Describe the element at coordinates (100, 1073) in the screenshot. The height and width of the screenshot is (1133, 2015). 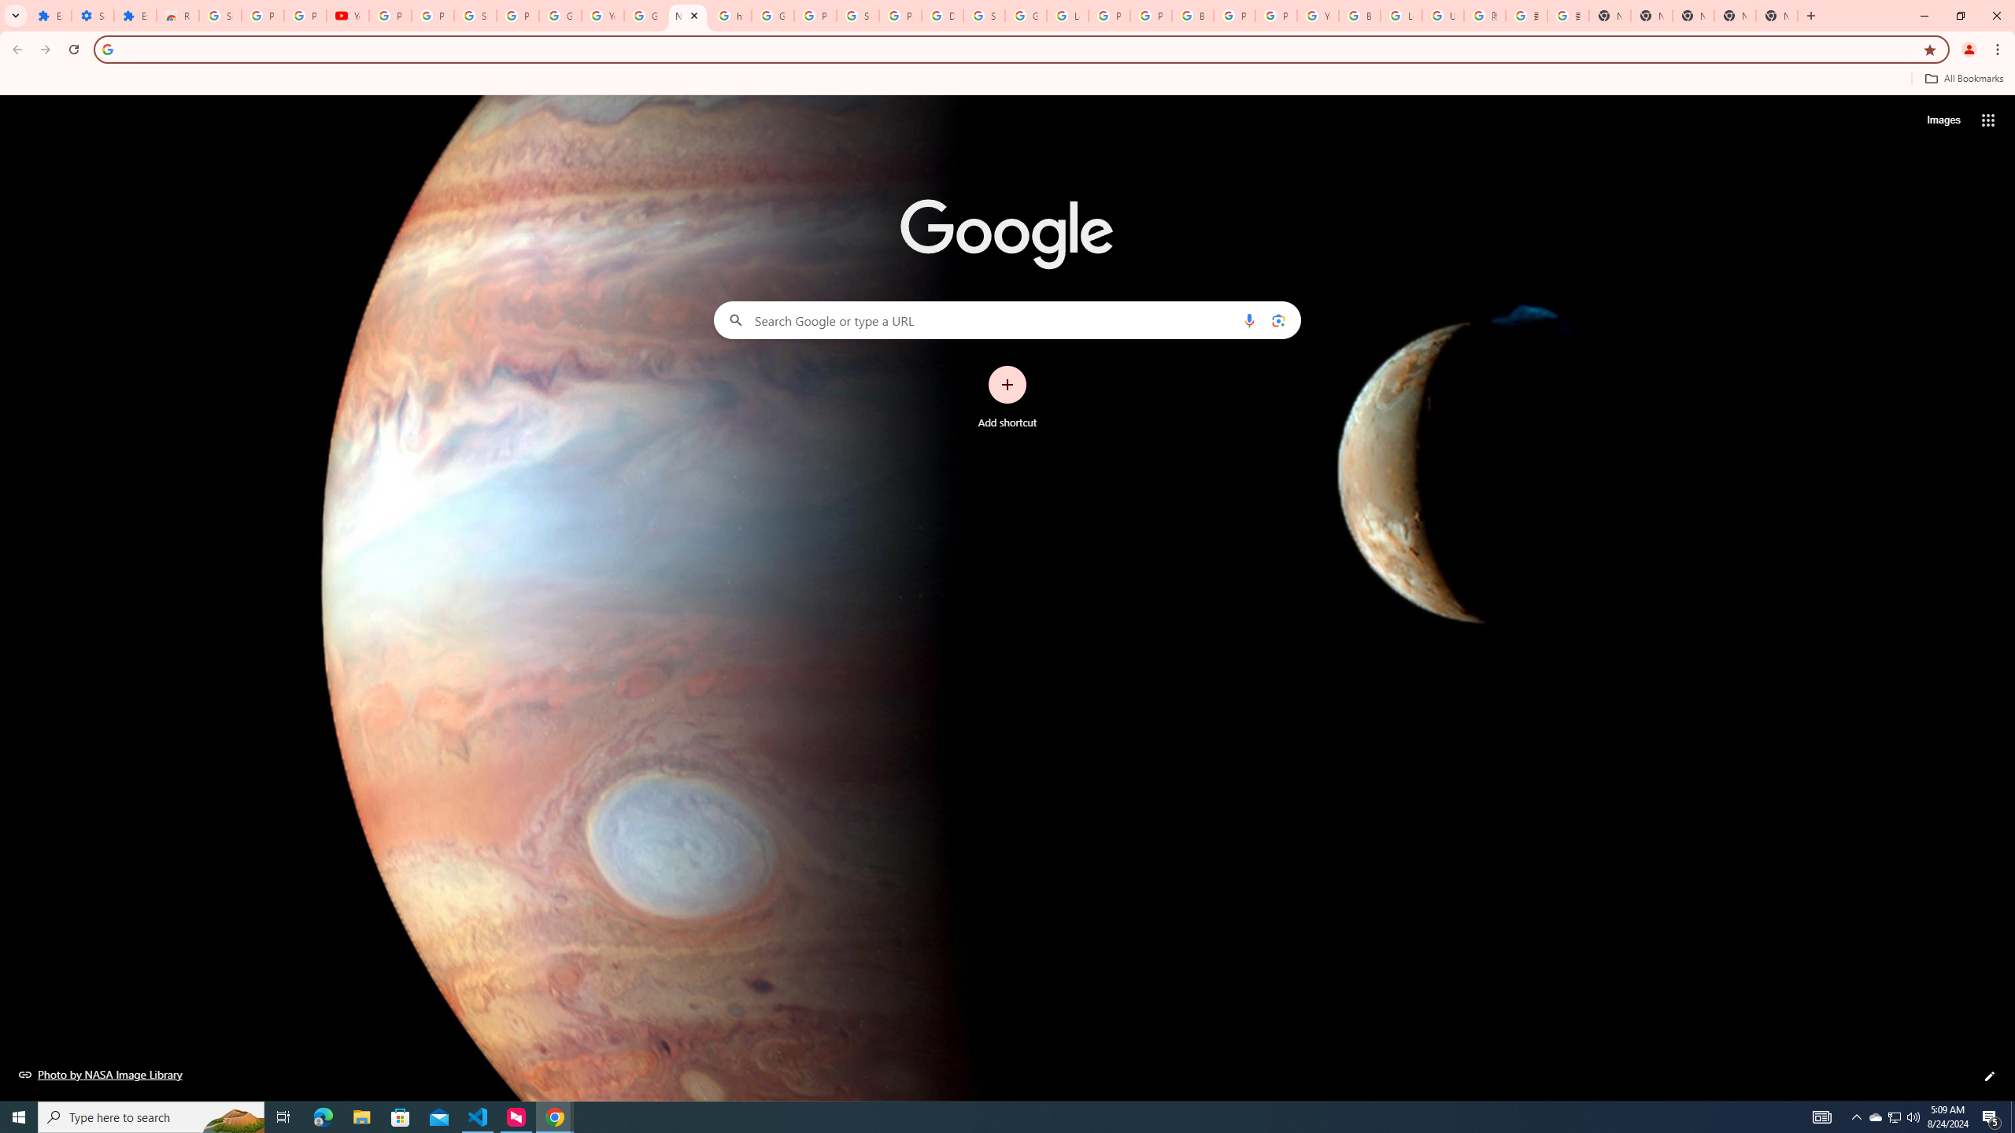
I see `'Photo by NASA Image Library'` at that location.